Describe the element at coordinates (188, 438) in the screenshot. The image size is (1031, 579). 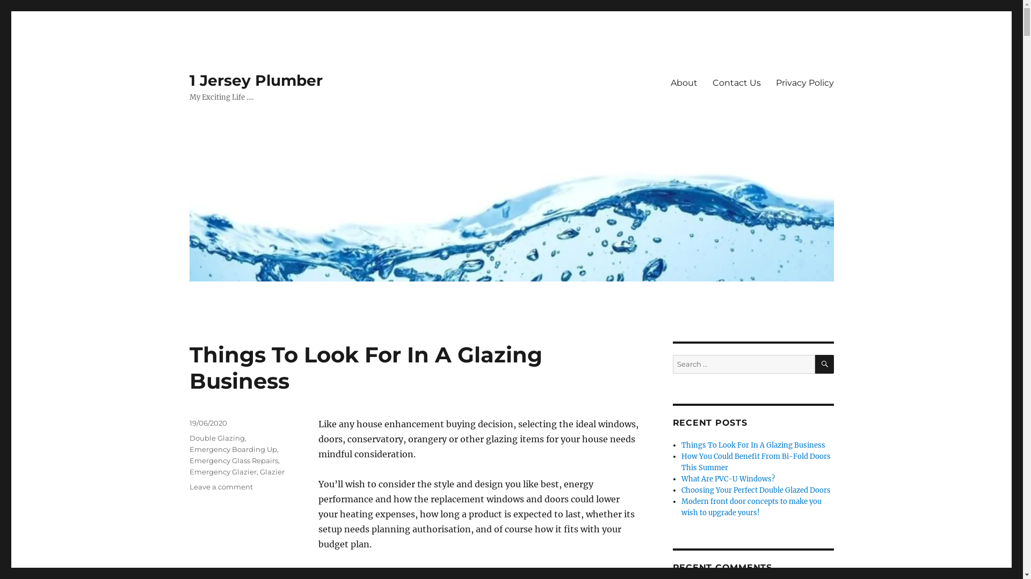
I see `'Double Glazing'` at that location.